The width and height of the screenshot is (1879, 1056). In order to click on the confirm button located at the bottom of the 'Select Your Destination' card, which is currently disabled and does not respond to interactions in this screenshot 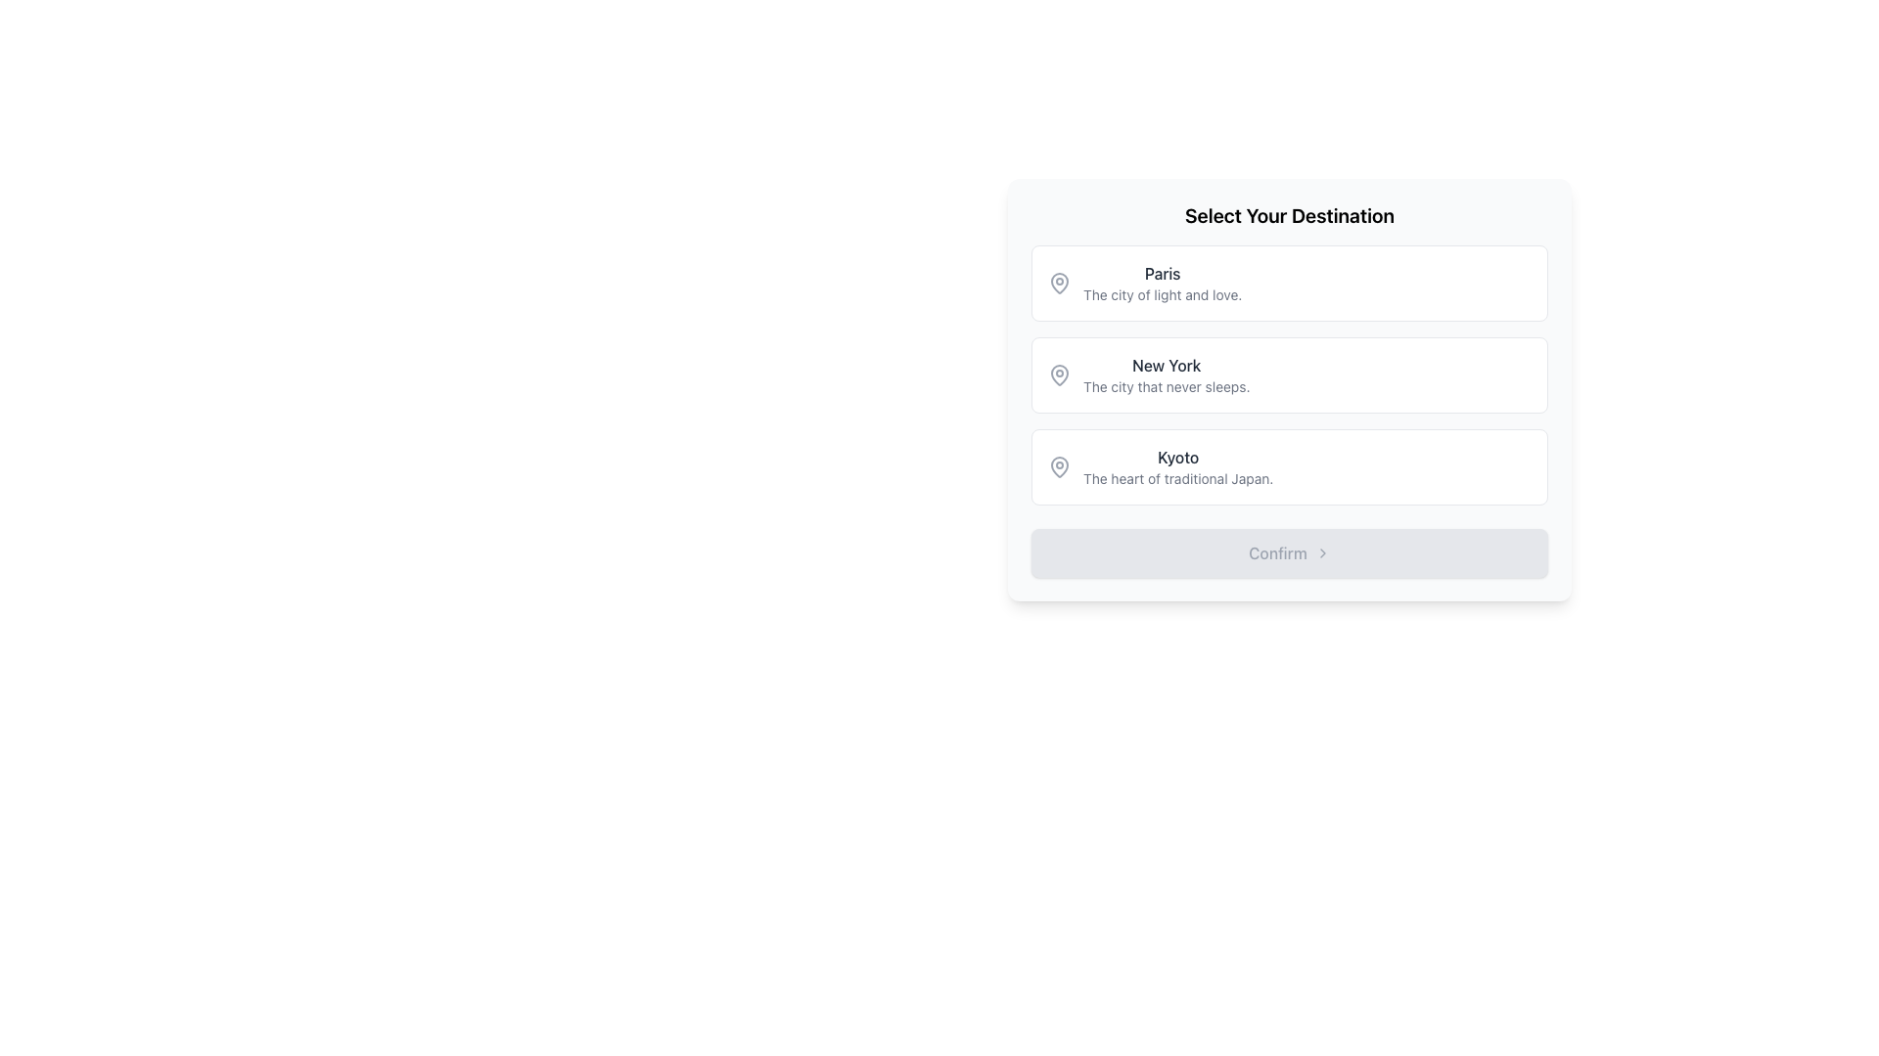, I will do `click(1290, 553)`.